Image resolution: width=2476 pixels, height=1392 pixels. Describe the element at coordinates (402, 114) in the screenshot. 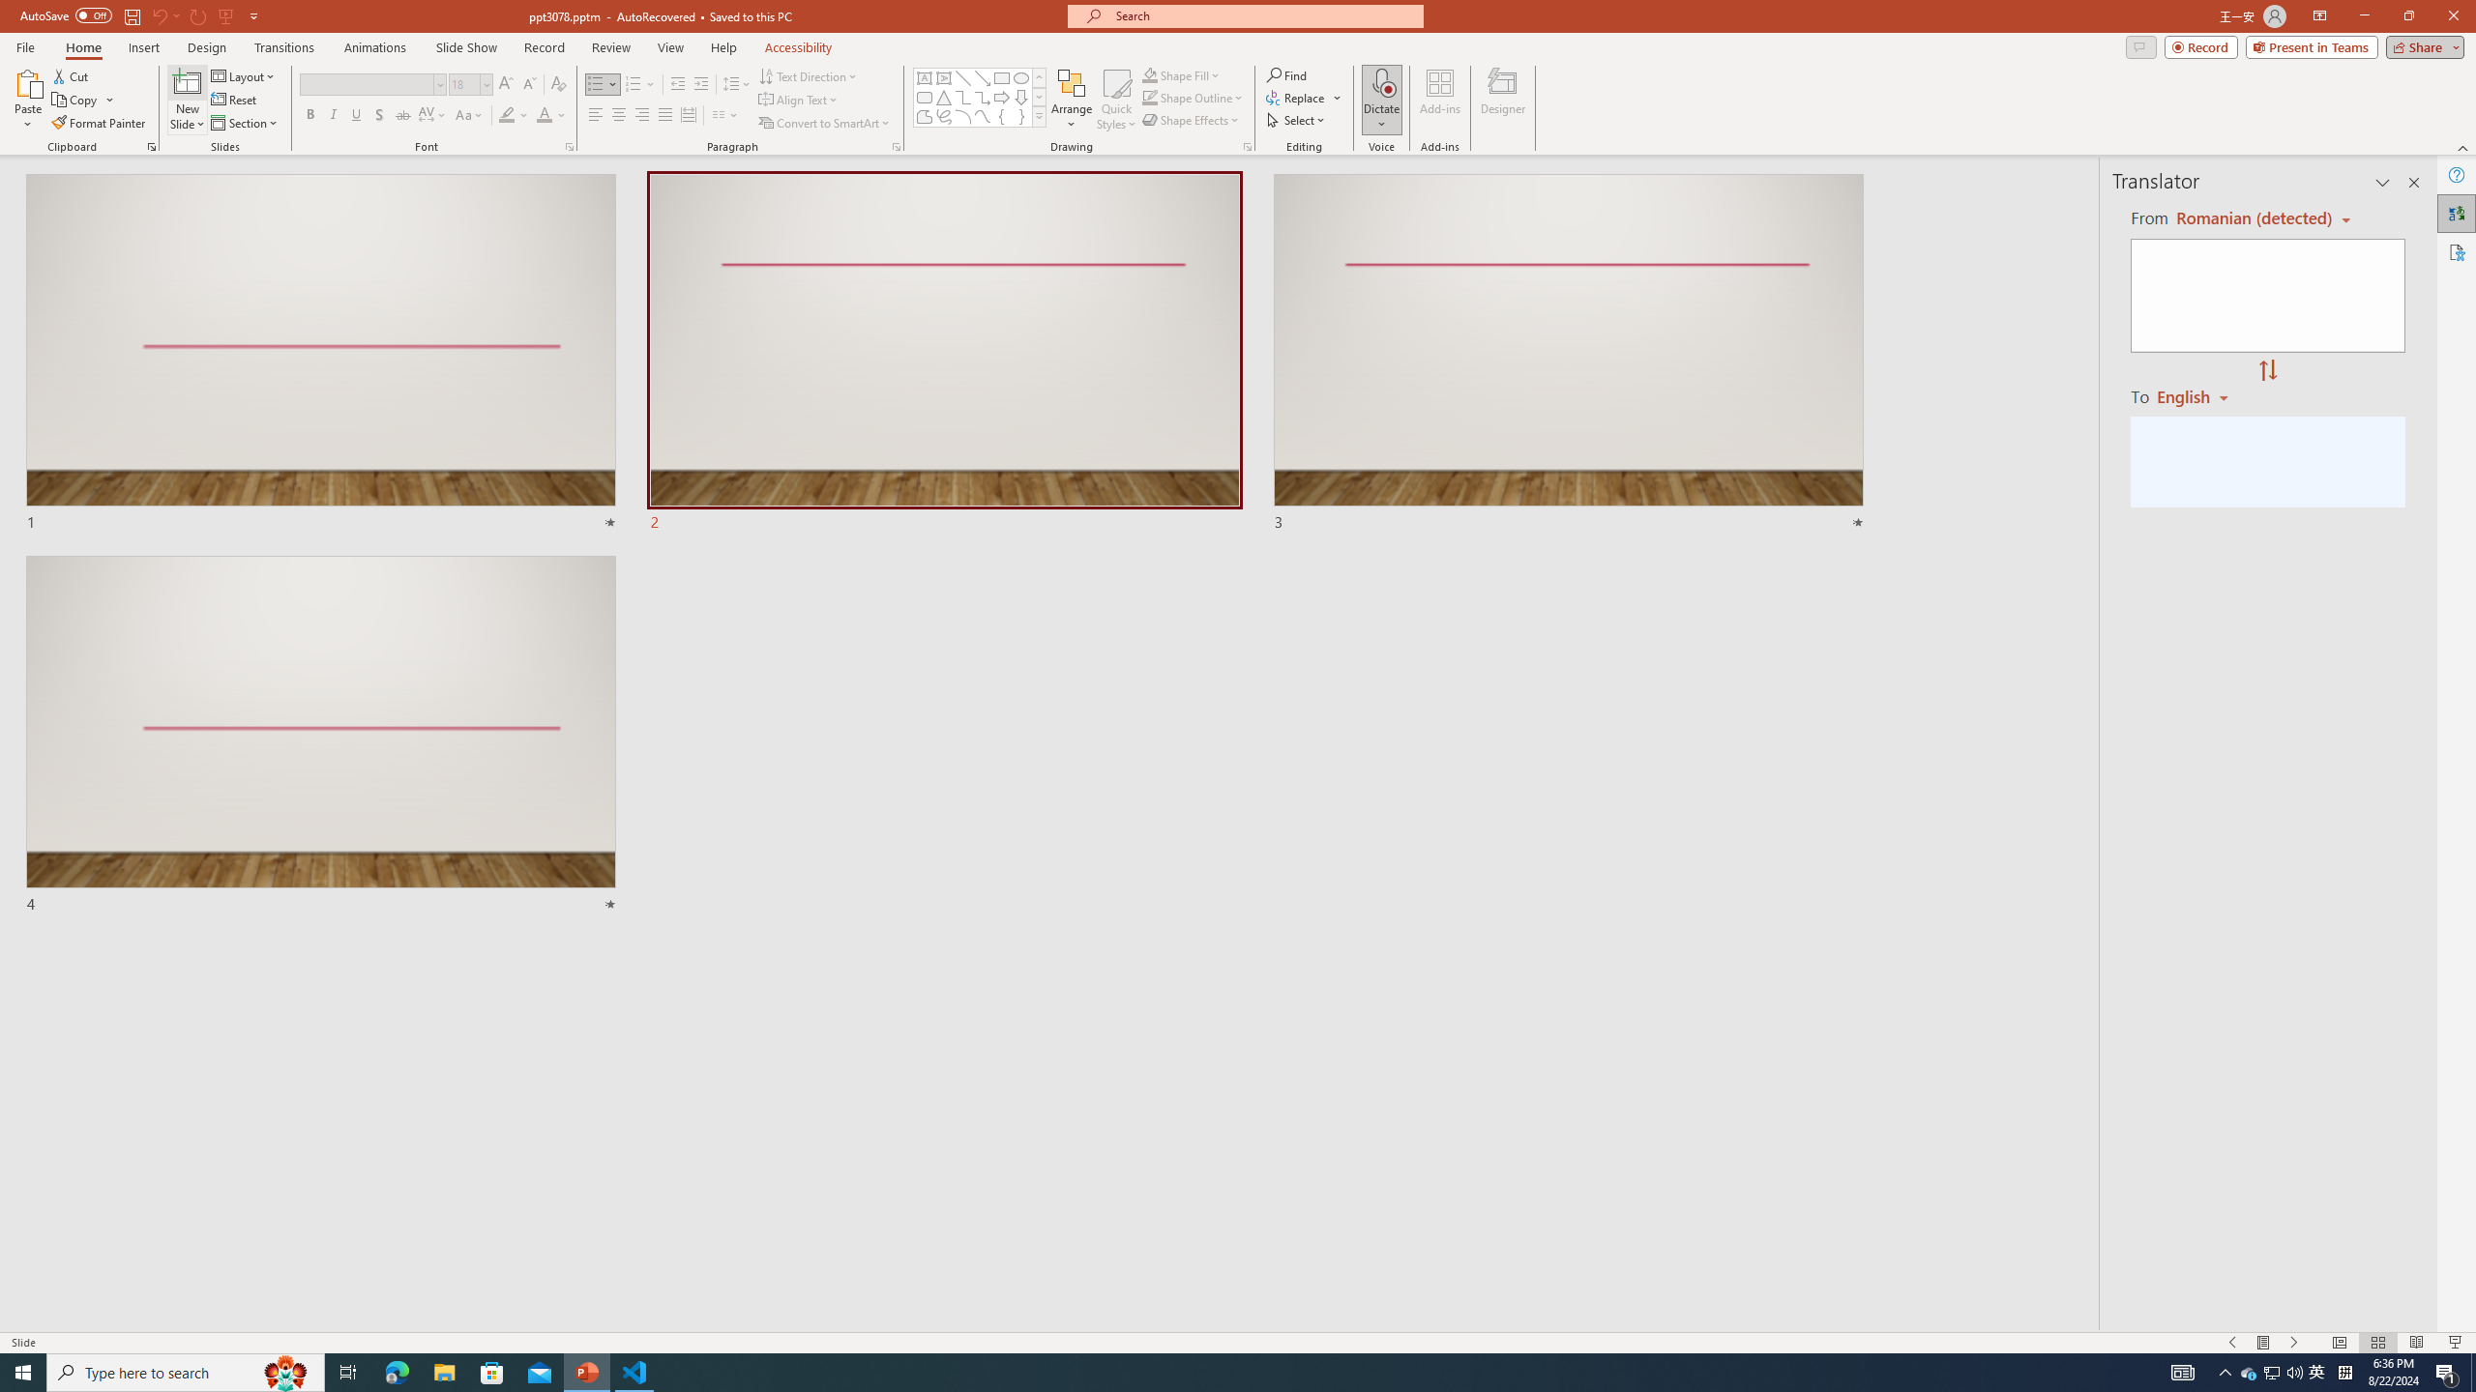

I see `'Strikethrough'` at that location.